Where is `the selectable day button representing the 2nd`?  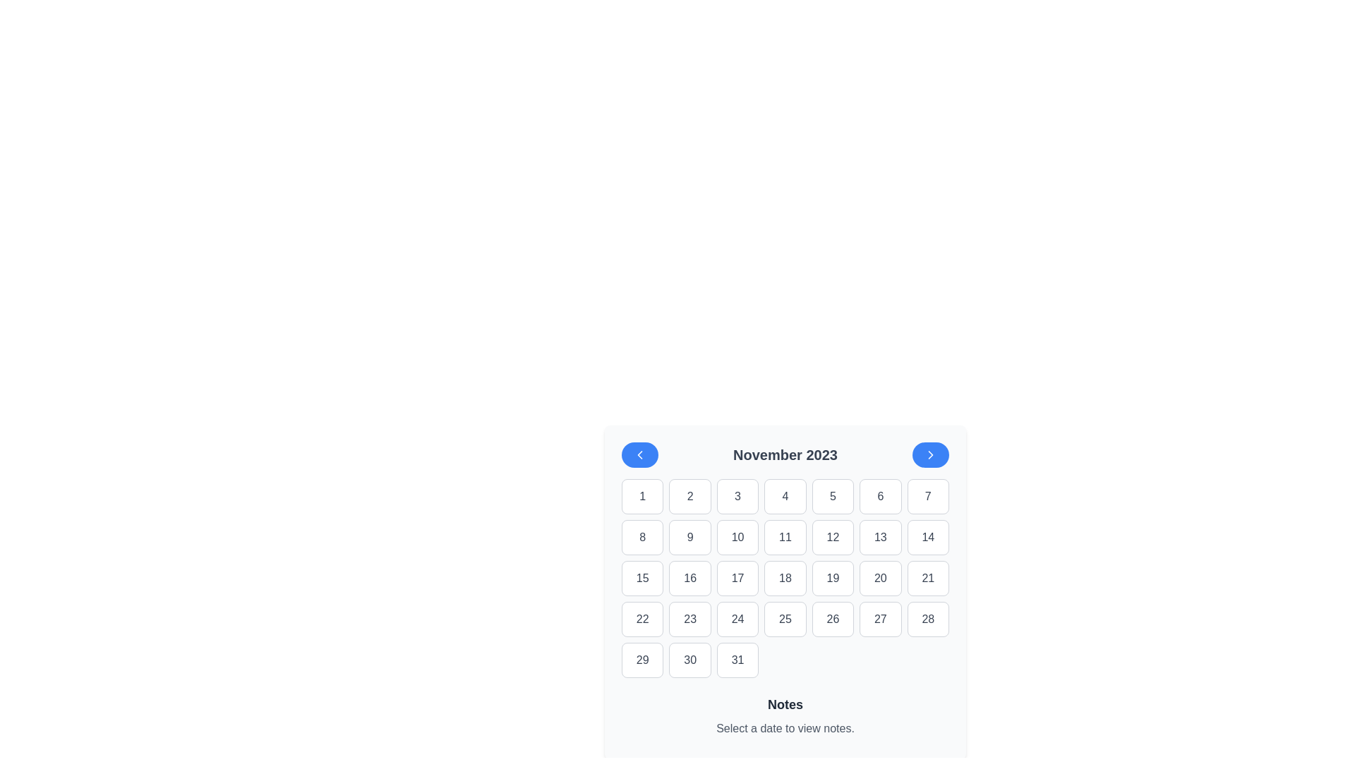
the selectable day button representing the 2nd is located at coordinates (690, 496).